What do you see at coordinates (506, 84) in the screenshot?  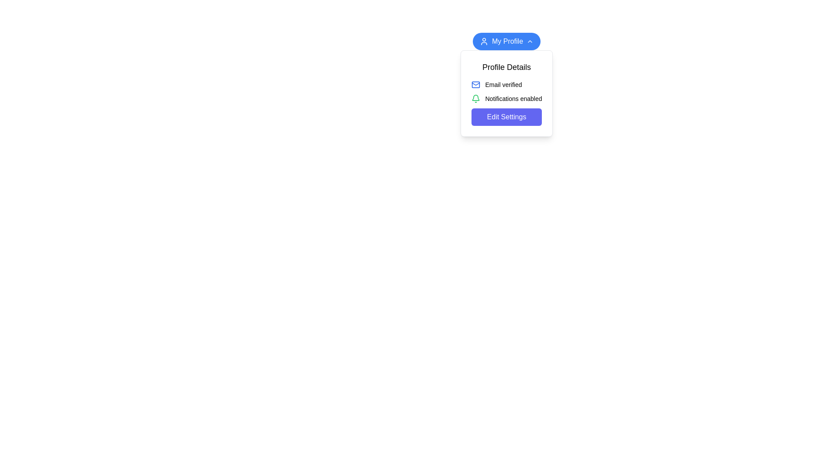 I see `the email verification indicator text element, which is positioned vertically above the 'Notifications enabled' item and below the 'Profile Details' header` at bounding box center [506, 84].